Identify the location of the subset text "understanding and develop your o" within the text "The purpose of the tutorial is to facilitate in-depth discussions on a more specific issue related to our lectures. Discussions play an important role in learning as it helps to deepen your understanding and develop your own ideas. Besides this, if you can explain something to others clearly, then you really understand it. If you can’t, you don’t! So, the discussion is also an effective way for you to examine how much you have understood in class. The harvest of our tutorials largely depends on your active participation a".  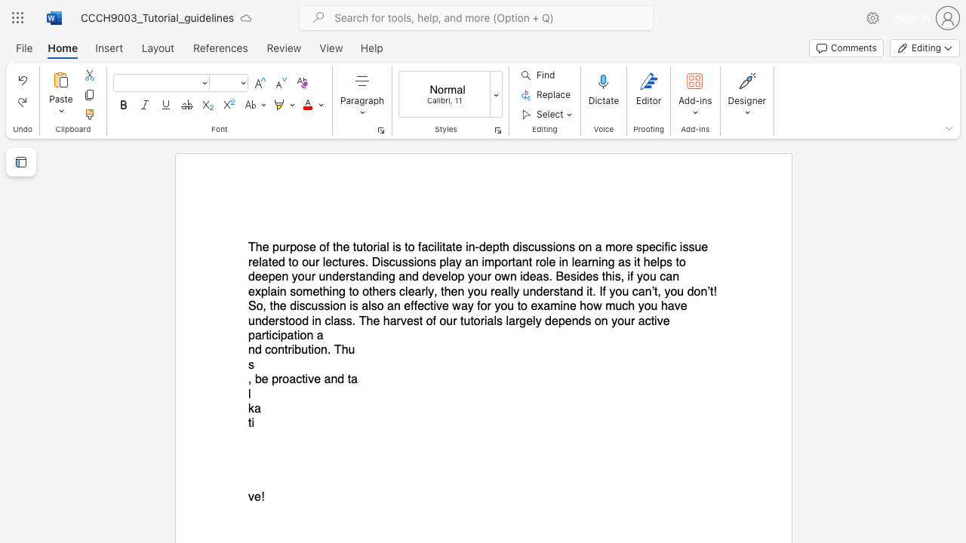
(318, 277).